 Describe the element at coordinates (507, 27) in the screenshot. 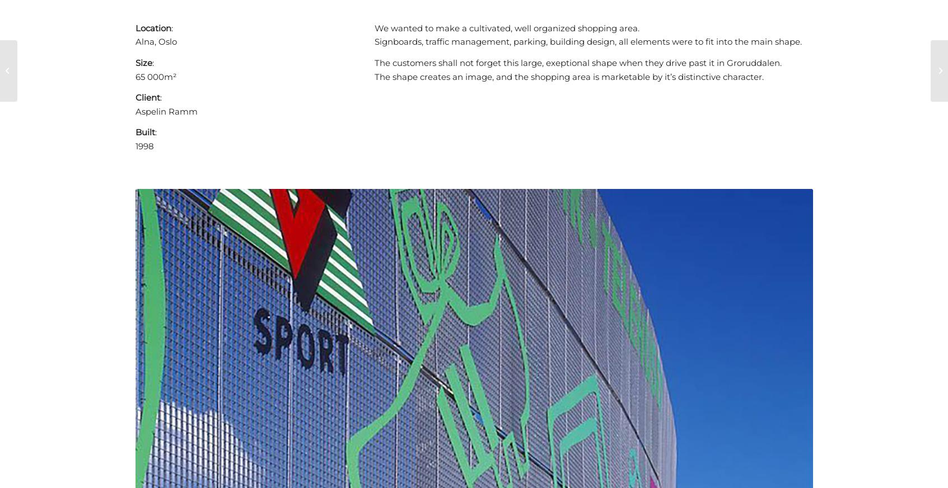

I see `'We wanted to make a cultivated, well organized shopping area.'` at that location.